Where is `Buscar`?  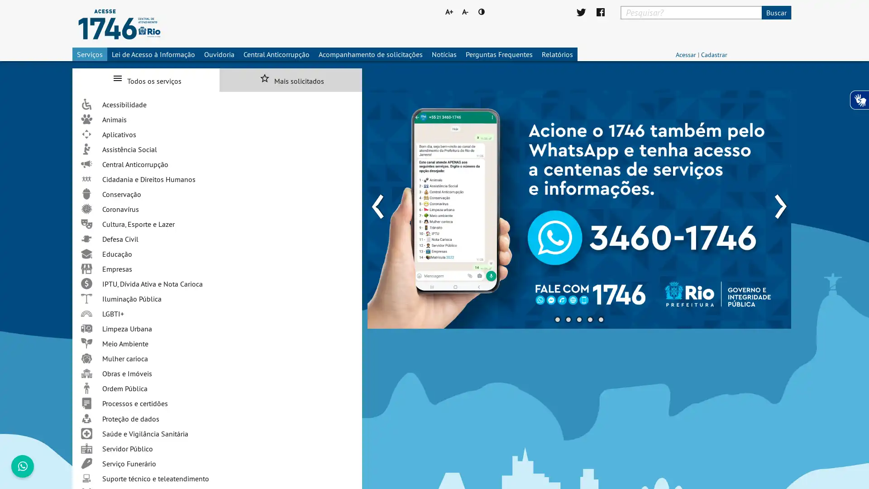
Buscar is located at coordinates (775, 12).